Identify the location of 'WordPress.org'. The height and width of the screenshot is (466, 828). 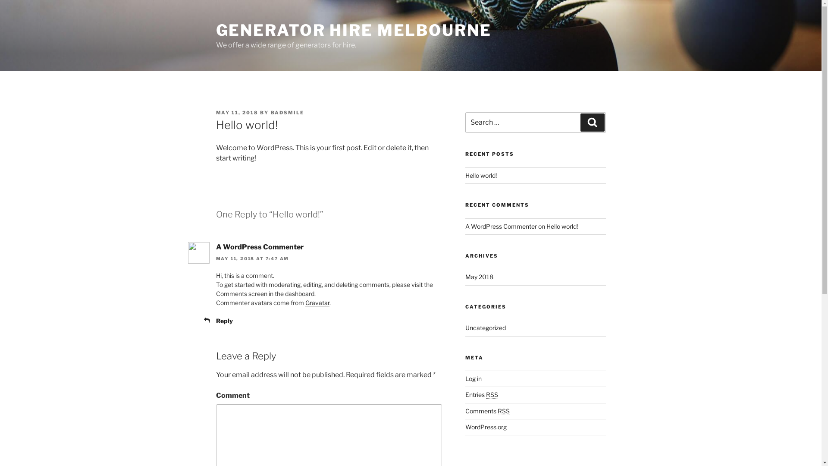
(486, 426).